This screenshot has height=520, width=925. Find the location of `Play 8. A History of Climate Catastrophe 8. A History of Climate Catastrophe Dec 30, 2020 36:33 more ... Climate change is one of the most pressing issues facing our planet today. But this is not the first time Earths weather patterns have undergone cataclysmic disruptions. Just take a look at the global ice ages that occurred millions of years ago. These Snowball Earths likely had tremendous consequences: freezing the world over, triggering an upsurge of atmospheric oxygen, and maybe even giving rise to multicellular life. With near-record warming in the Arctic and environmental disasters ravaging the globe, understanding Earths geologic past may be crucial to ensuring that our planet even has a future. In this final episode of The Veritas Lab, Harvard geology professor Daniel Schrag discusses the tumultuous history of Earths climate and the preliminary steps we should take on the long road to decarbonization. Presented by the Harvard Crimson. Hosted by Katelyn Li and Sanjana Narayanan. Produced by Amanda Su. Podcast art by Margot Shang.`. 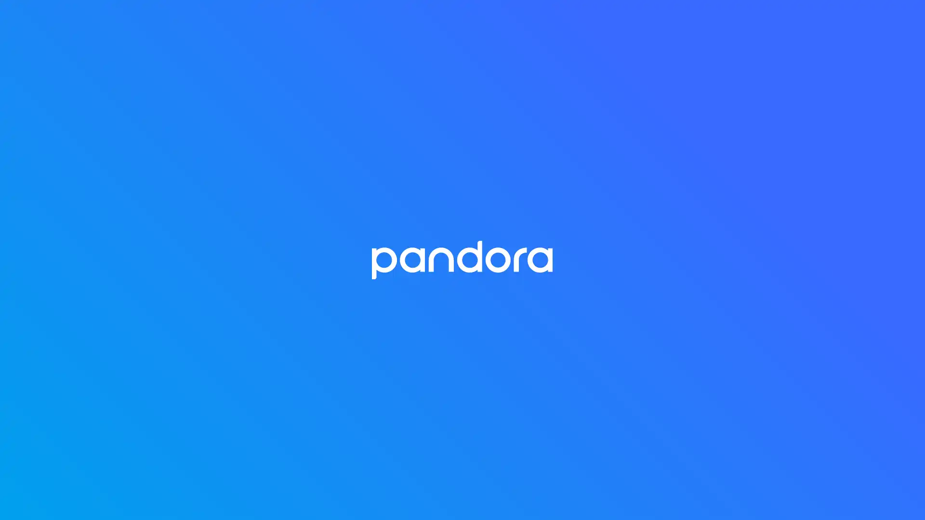

Play 8. A History of Climate Catastrophe 8. A History of Climate Catastrophe Dec 30, 2020 36:33 more ... Climate change is one of the most pressing issues facing our planet today. But this is not the first time Earths weather patterns have undergone cataclysmic disruptions. Just take a look at the global ice ages that occurred millions of years ago. These Snowball Earths likely had tremendous consequences: freezing the world over, triggering an upsurge of atmospheric oxygen, and maybe even giving rise to multicellular life. With near-record warming in the Arctic and environmental disasters ravaging the globe, understanding Earths geologic past may be crucial to ensuring that our planet even has a future. In this final episode of The Veritas Lab, Harvard geology professor Daniel Schrag discusses the tumultuous history of Earths climate and the preliminary steps we should take on the long road to decarbonization. Presented by the Harvard Crimson. Hosted by Katelyn Li and Sanjana Narayanan. Produced by Amanda Su. Podcast art by Margot Shang. is located at coordinates (619, 208).